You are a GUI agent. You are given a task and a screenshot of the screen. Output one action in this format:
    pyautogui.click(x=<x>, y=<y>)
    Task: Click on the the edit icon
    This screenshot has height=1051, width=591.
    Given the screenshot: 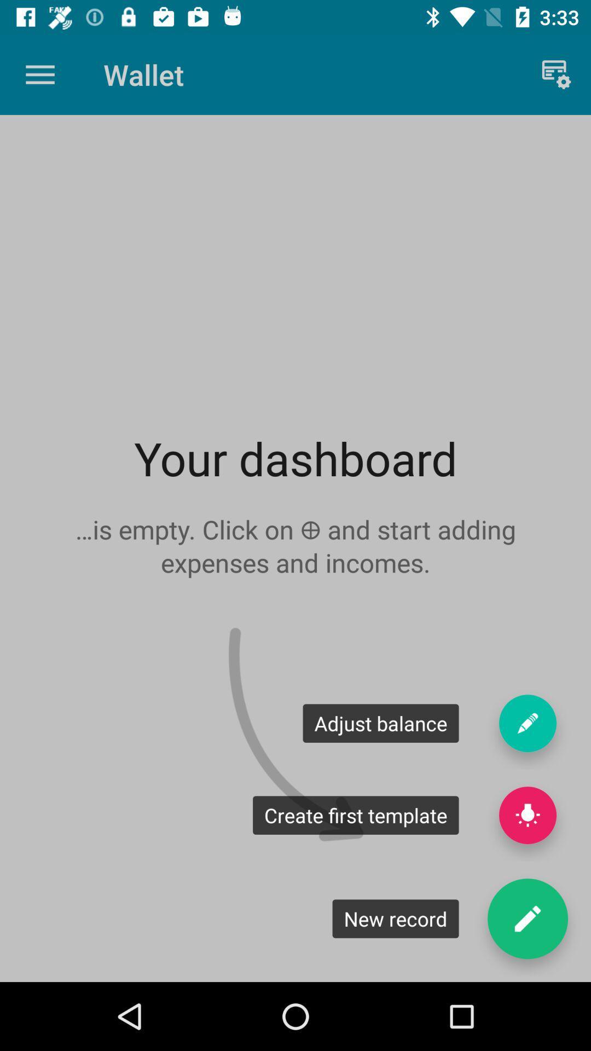 What is the action you would take?
    pyautogui.click(x=527, y=919)
    